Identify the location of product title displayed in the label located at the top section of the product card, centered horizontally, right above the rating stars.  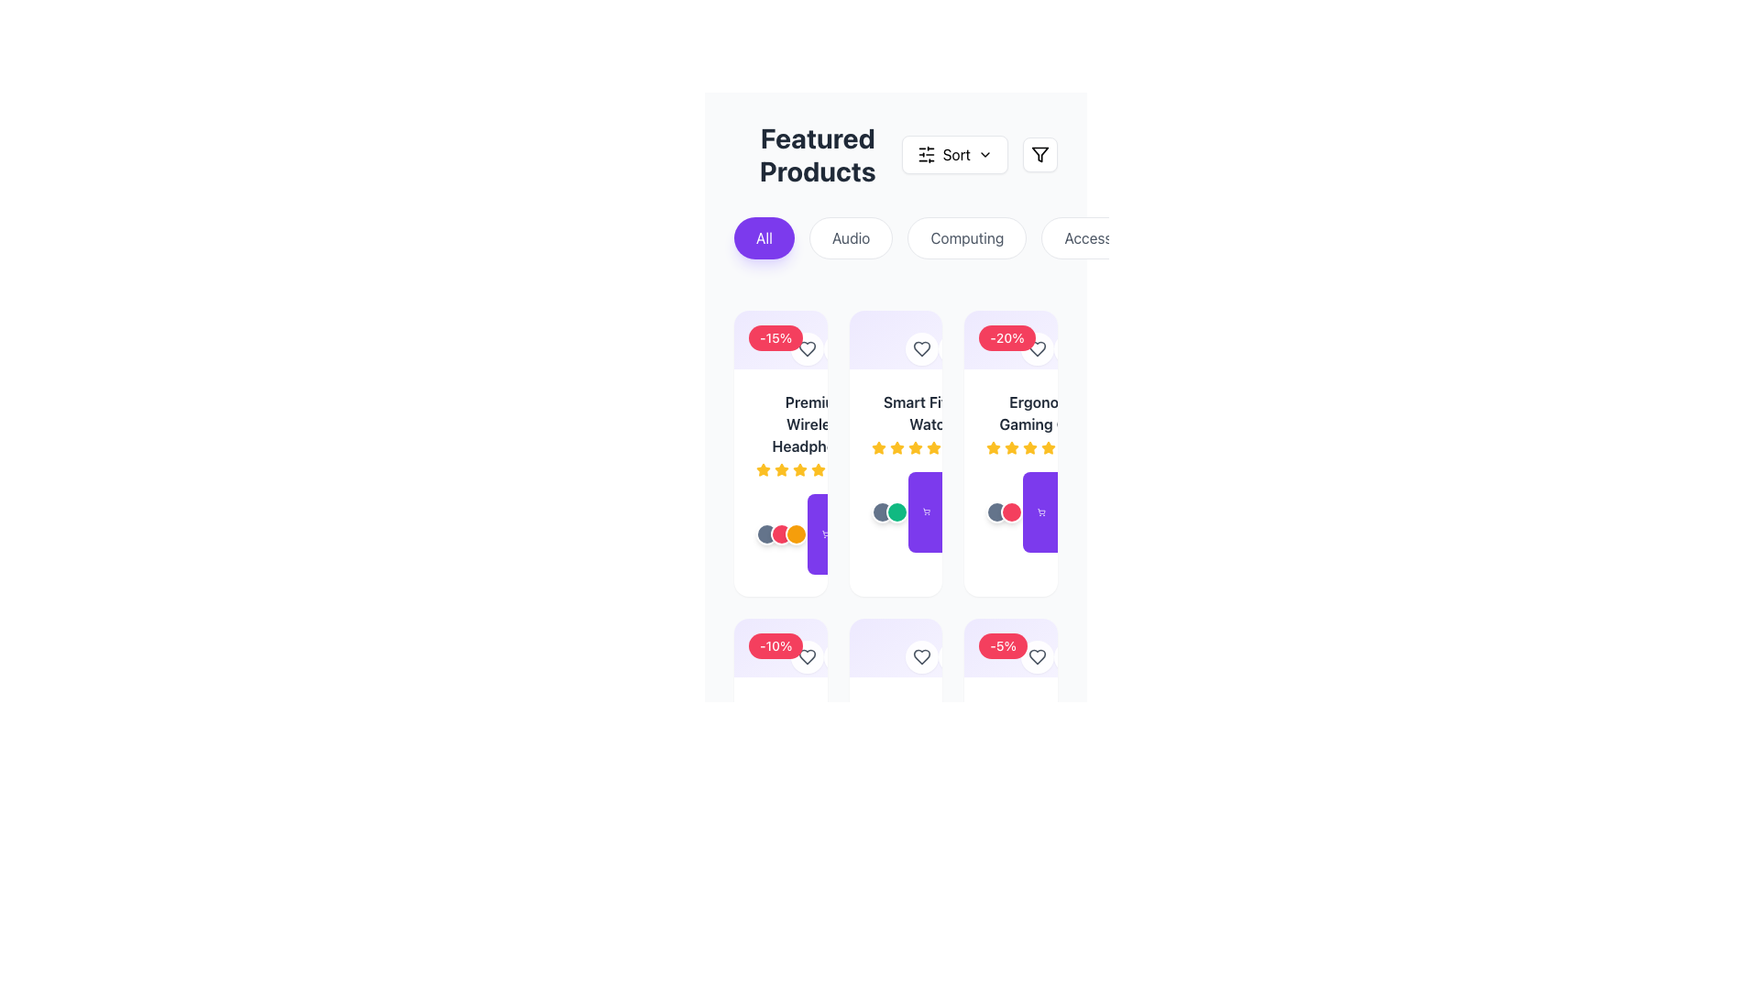
(1010, 423).